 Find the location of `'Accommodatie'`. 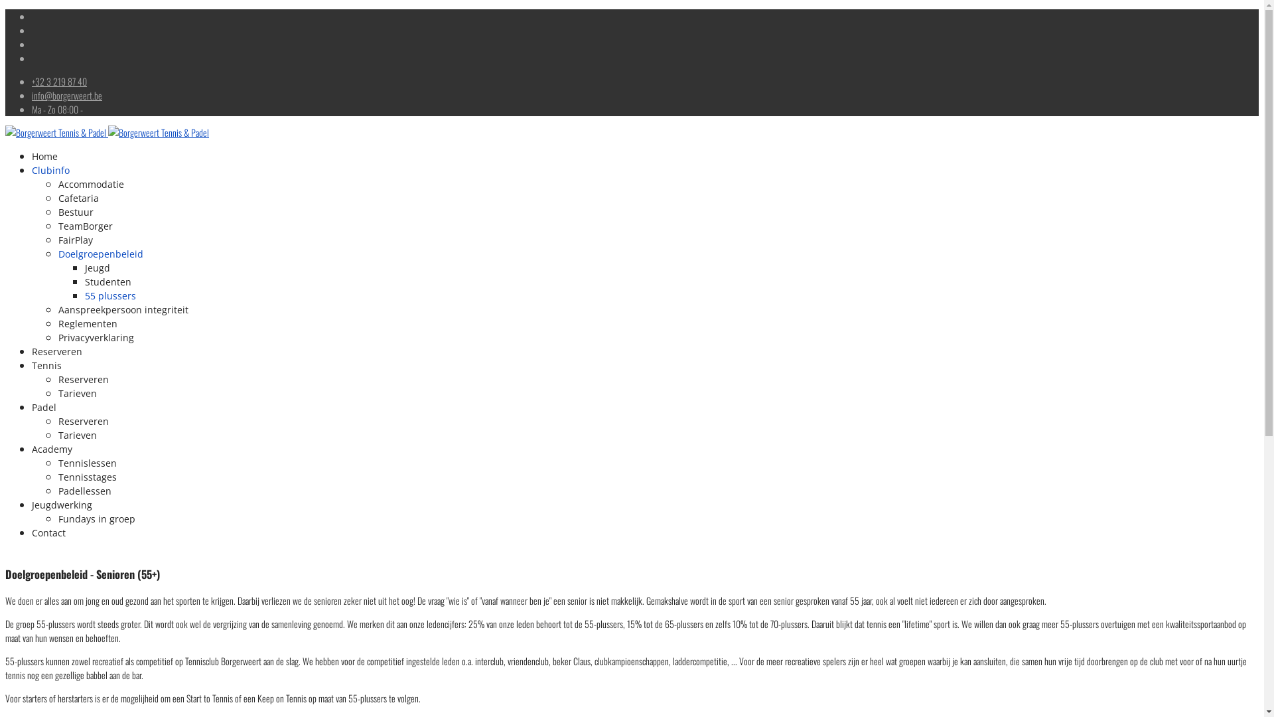

'Accommodatie' is located at coordinates (57, 184).